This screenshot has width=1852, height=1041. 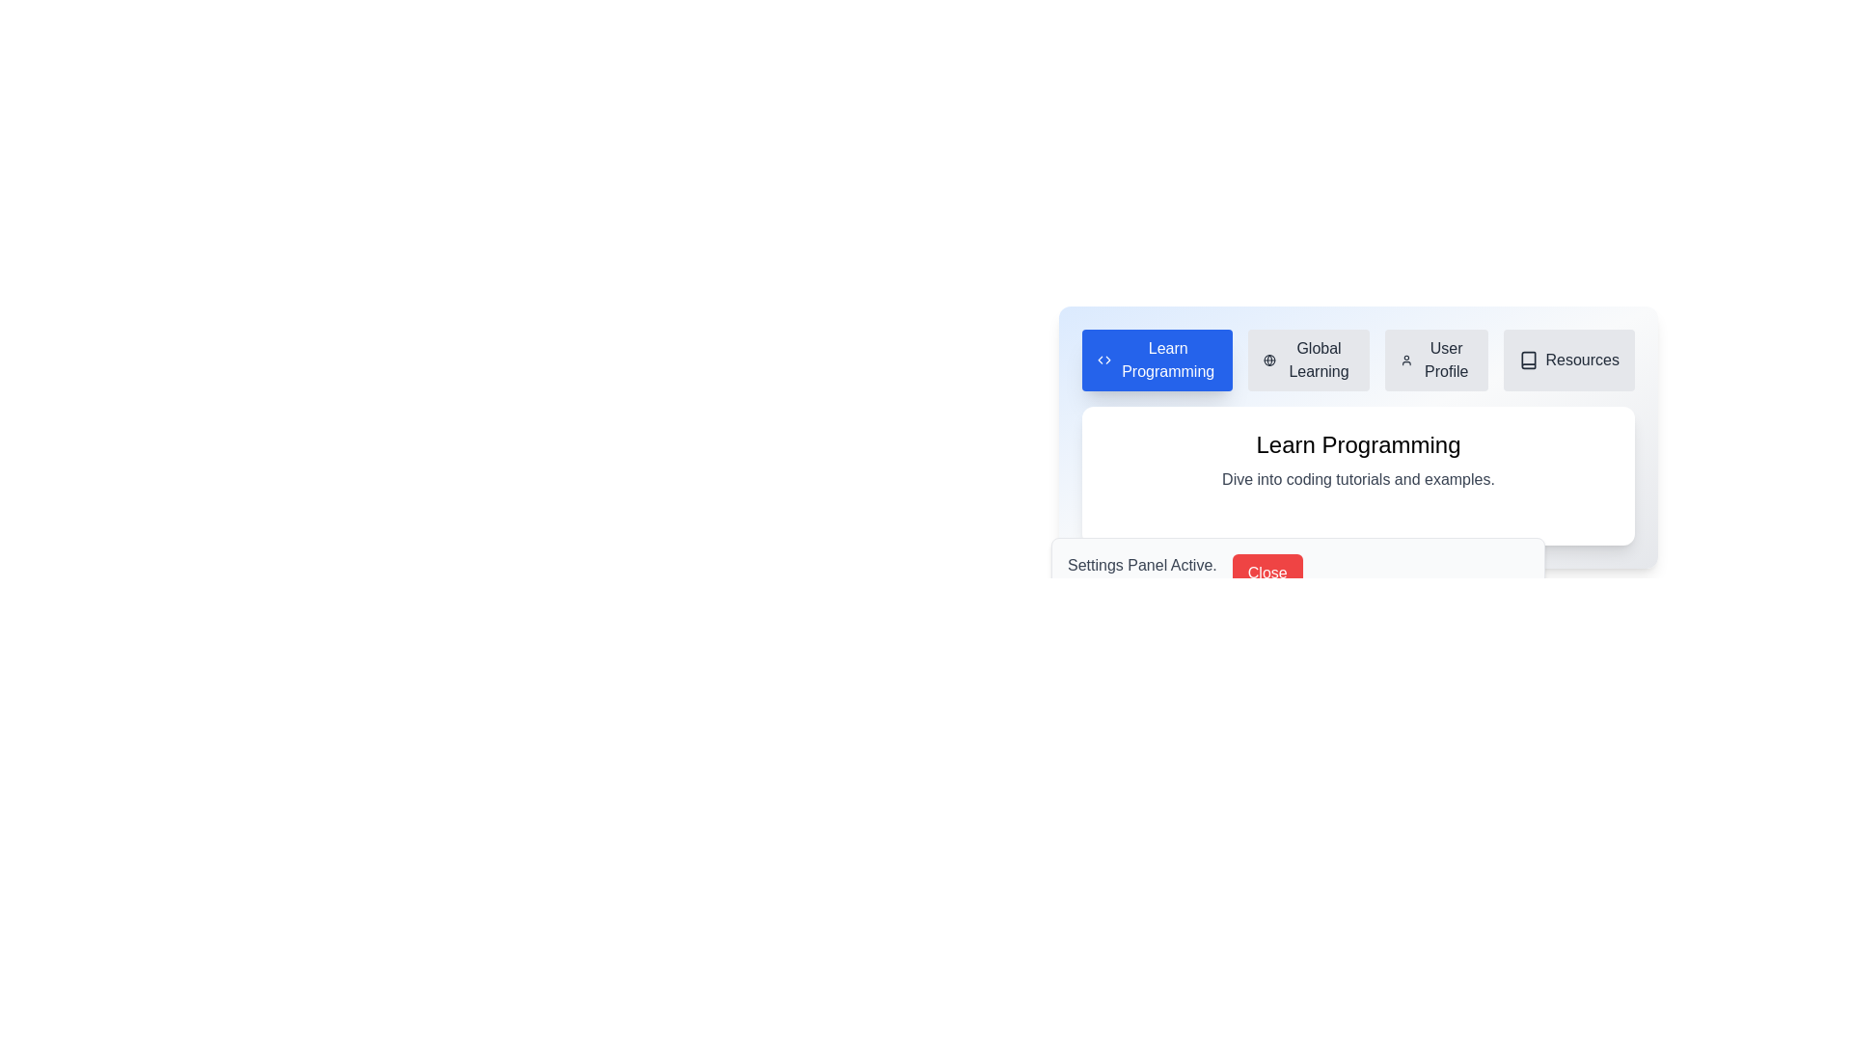 What do you see at coordinates (1436, 360) in the screenshot?
I see `the tab labeled User Profile to view its content` at bounding box center [1436, 360].